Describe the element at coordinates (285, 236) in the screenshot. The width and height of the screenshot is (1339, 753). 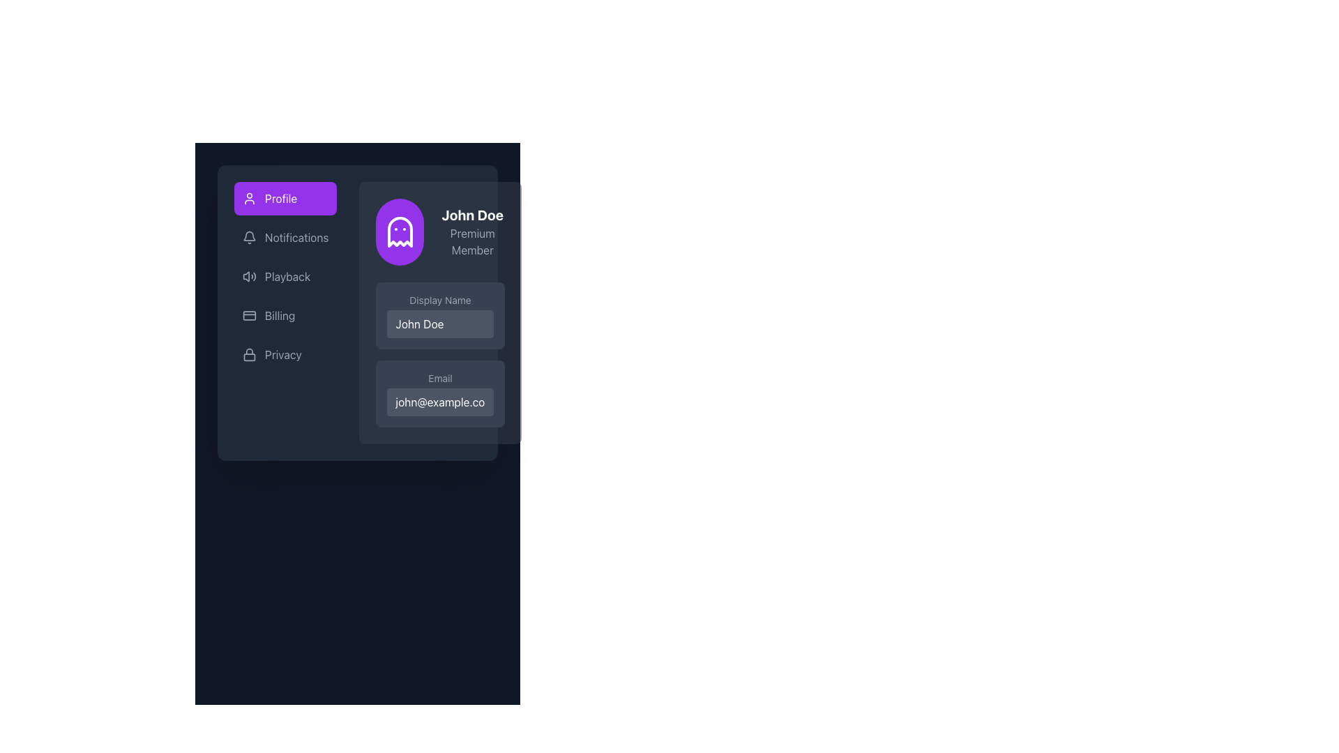
I see `the 'Notifications' menu option button, which features a bell icon and is styled with rounded corners` at that location.